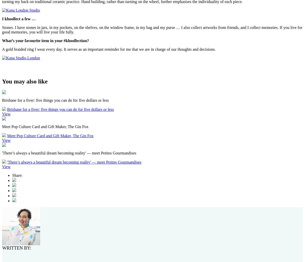  Describe the element at coordinates (17, 175) in the screenshot. I see `'Share:'` at that location.